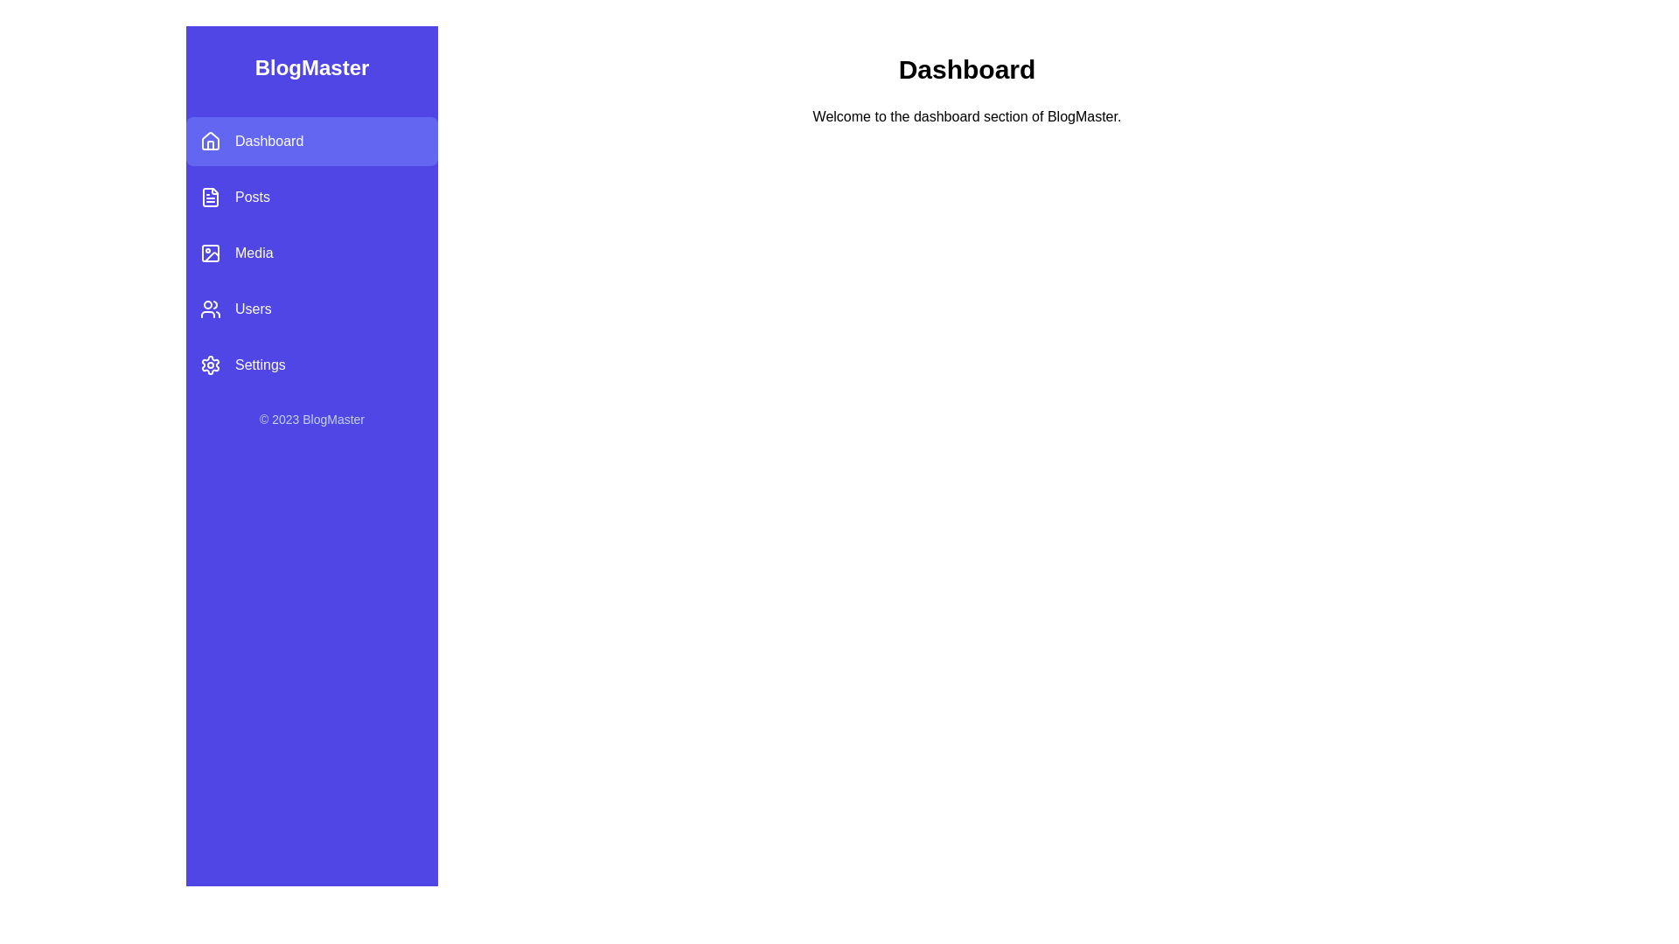  I want to click on the 'Users' navigation link, which is the fourth item in the vertical navigation menu on the left side, so click(311, 309).